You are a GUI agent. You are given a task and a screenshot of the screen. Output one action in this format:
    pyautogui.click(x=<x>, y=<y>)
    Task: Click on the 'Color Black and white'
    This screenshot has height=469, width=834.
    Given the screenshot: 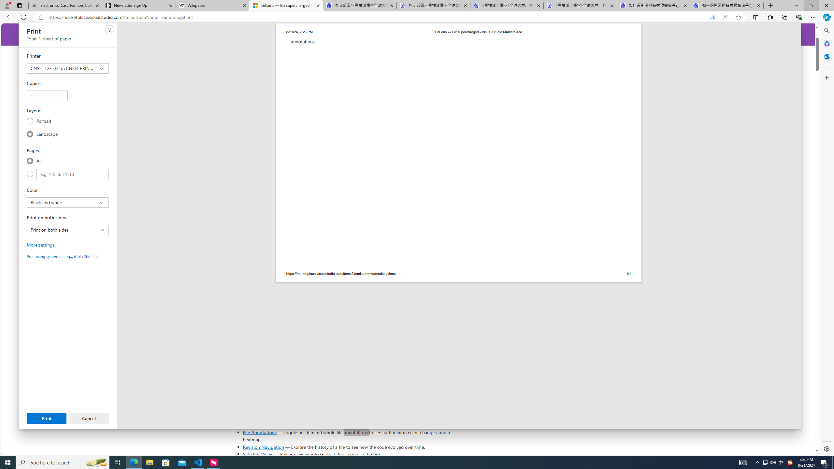 What is the action you would take?
    pyautogui.click(x=67, y=202)
    